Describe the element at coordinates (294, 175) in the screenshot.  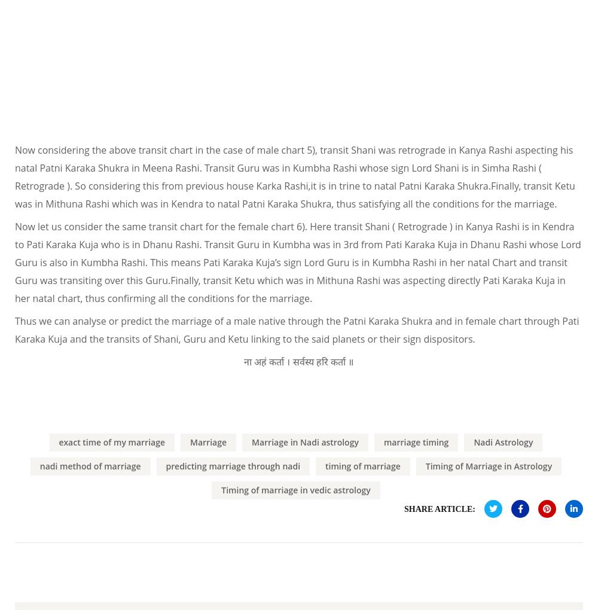
I see `'Now considering the above transit chart in the case of male chart 5), transit Shani was retrograde in Kanya Rashi aspecting his natal Patni Karaka Shukra in Meena Rashi. Transit Guru was in Kumbha Rashi whose sign Lord Shani is in Simha Rashi ( Retrograde ). So considering this from previous house Karka Rashi,it is in trine to natal Patni Karaka Shukra.Finally, transit Ketu was in Mithuna Rashi which was in Kendra to natal Patni Karaka Shukra, thus satisfying all the conditions for the marriage.'` at that location.